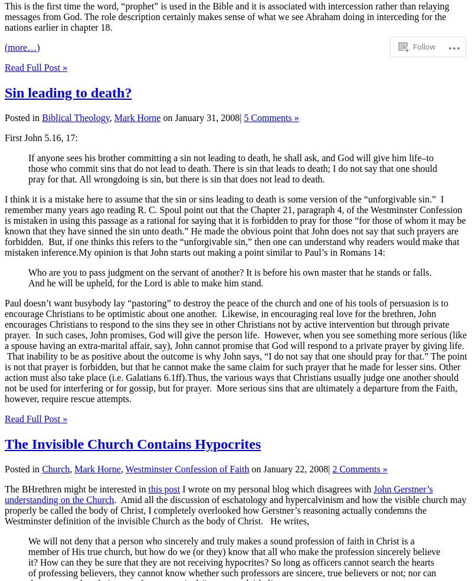 The image size is (472, 581). Describe the element at coordinates (232, 167) in the screenshot. I see `'If anyone sees his brother committing a sin not leading to death, he shall ask, and God will give him life–to those who commit sins that do not lead to death. There is sin that leads to death; I do not say that one should pray for that. All wrongdoing is sin, but there is sin that does not lead to death.'` at that location.